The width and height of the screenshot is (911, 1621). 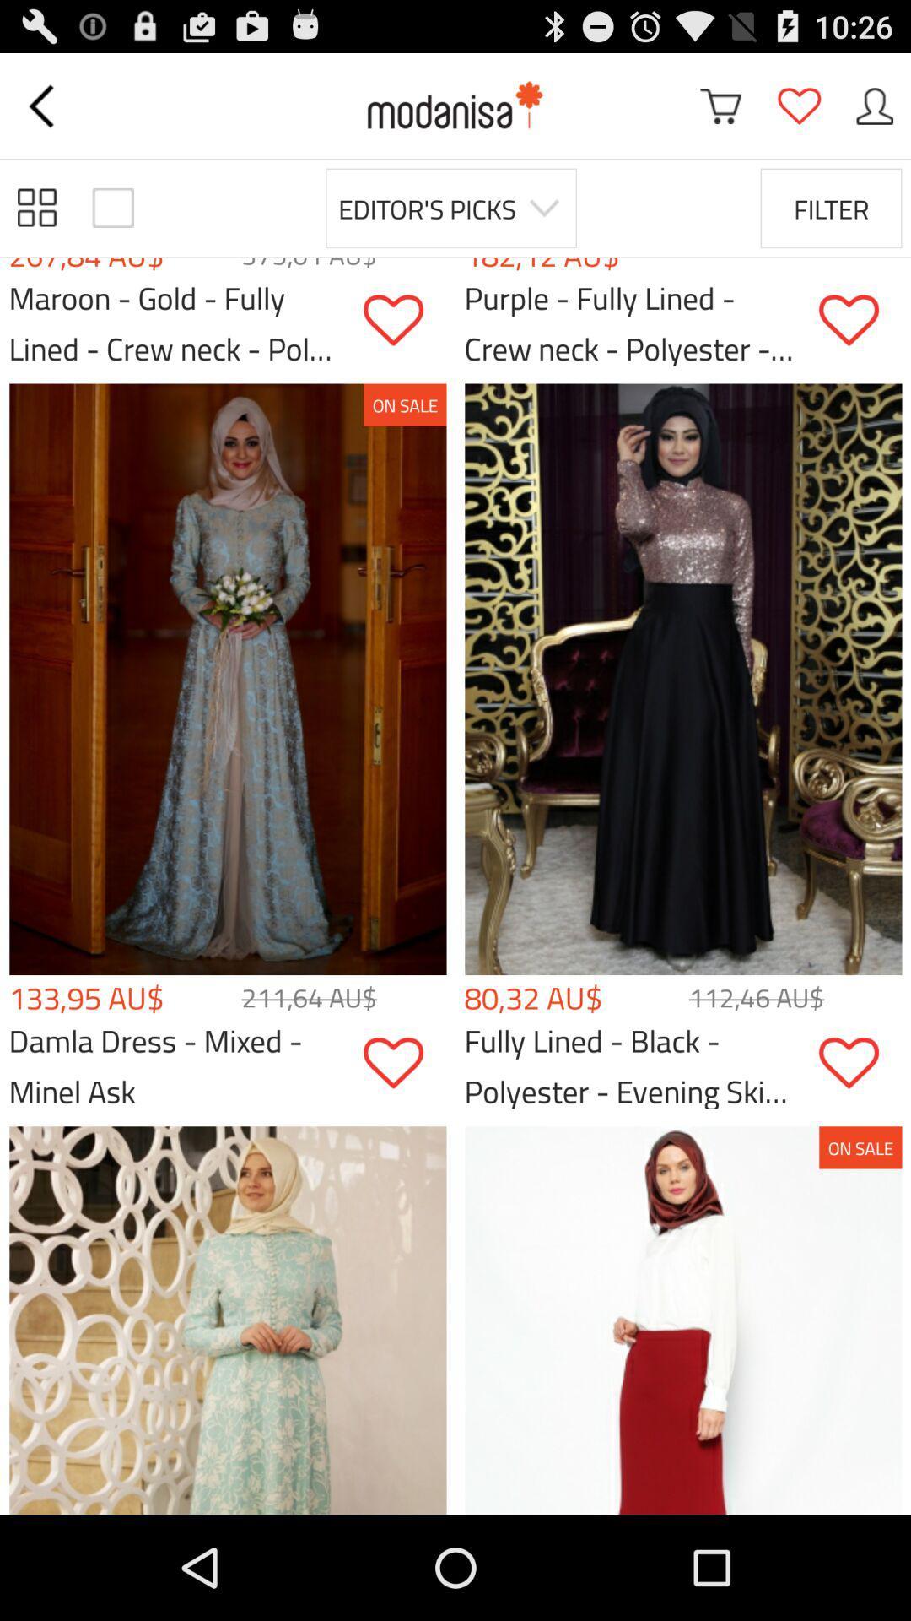 I want to click on about me option, so click(x=874, y=105).